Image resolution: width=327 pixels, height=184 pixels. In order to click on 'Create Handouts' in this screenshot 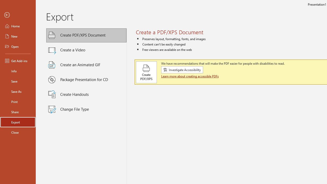, I will do `click(86, 95)`.